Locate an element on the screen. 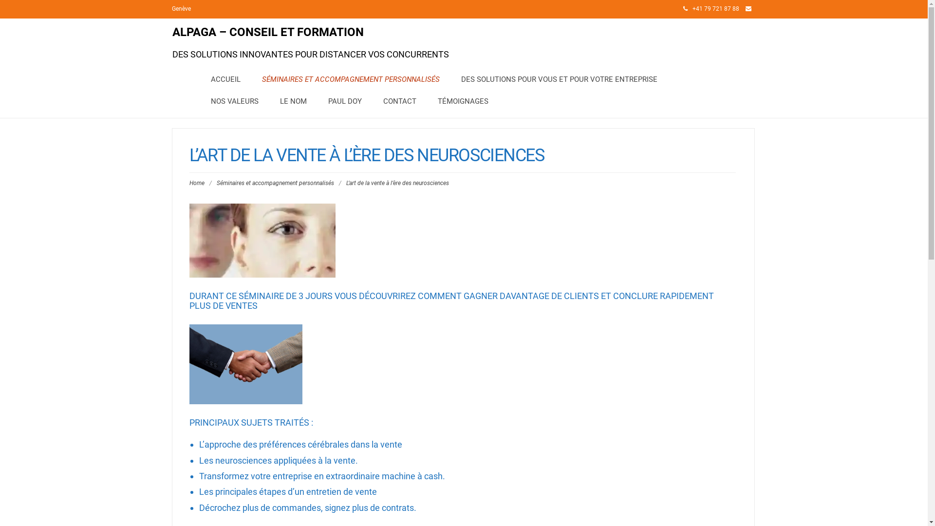 The image size is (935, 526). 'ACCUEIL' is located at coordinates (224, 79).